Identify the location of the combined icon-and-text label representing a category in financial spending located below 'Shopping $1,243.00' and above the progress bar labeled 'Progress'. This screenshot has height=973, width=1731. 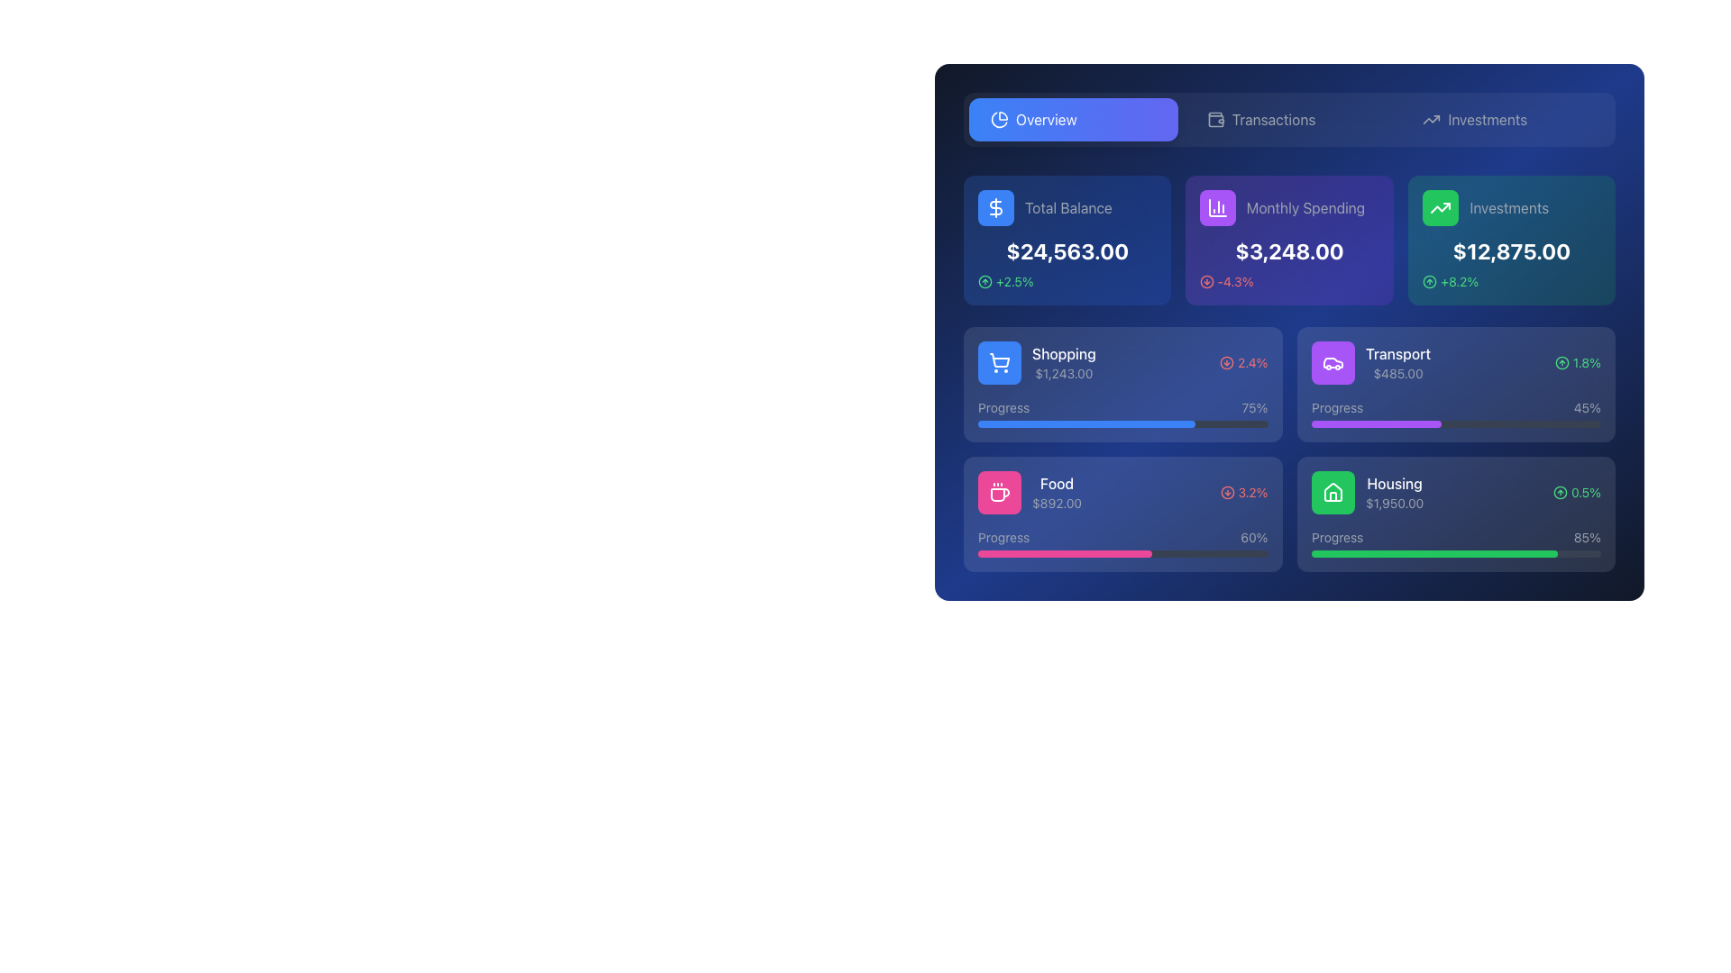
(1030, 493).